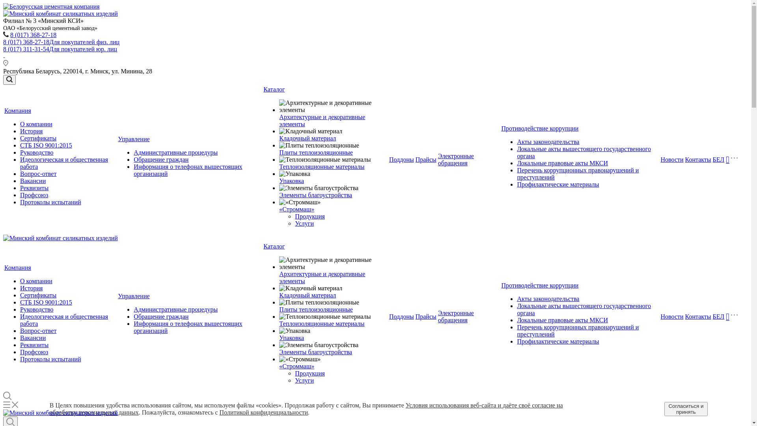 The height and width of the screenshot is (426, 757). I want to click on '8 (017) 368-27-18', so click(10, 34).